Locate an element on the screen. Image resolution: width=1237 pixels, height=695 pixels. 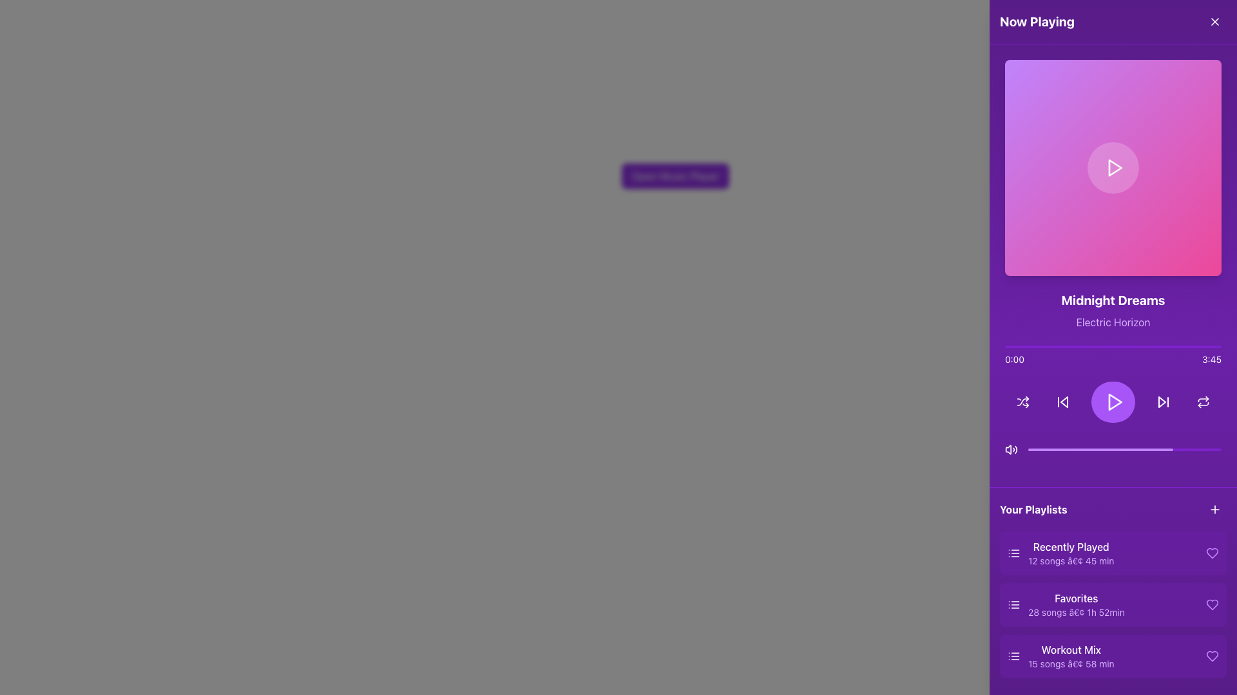
the playback progress is located at coordinates (1125, 449).